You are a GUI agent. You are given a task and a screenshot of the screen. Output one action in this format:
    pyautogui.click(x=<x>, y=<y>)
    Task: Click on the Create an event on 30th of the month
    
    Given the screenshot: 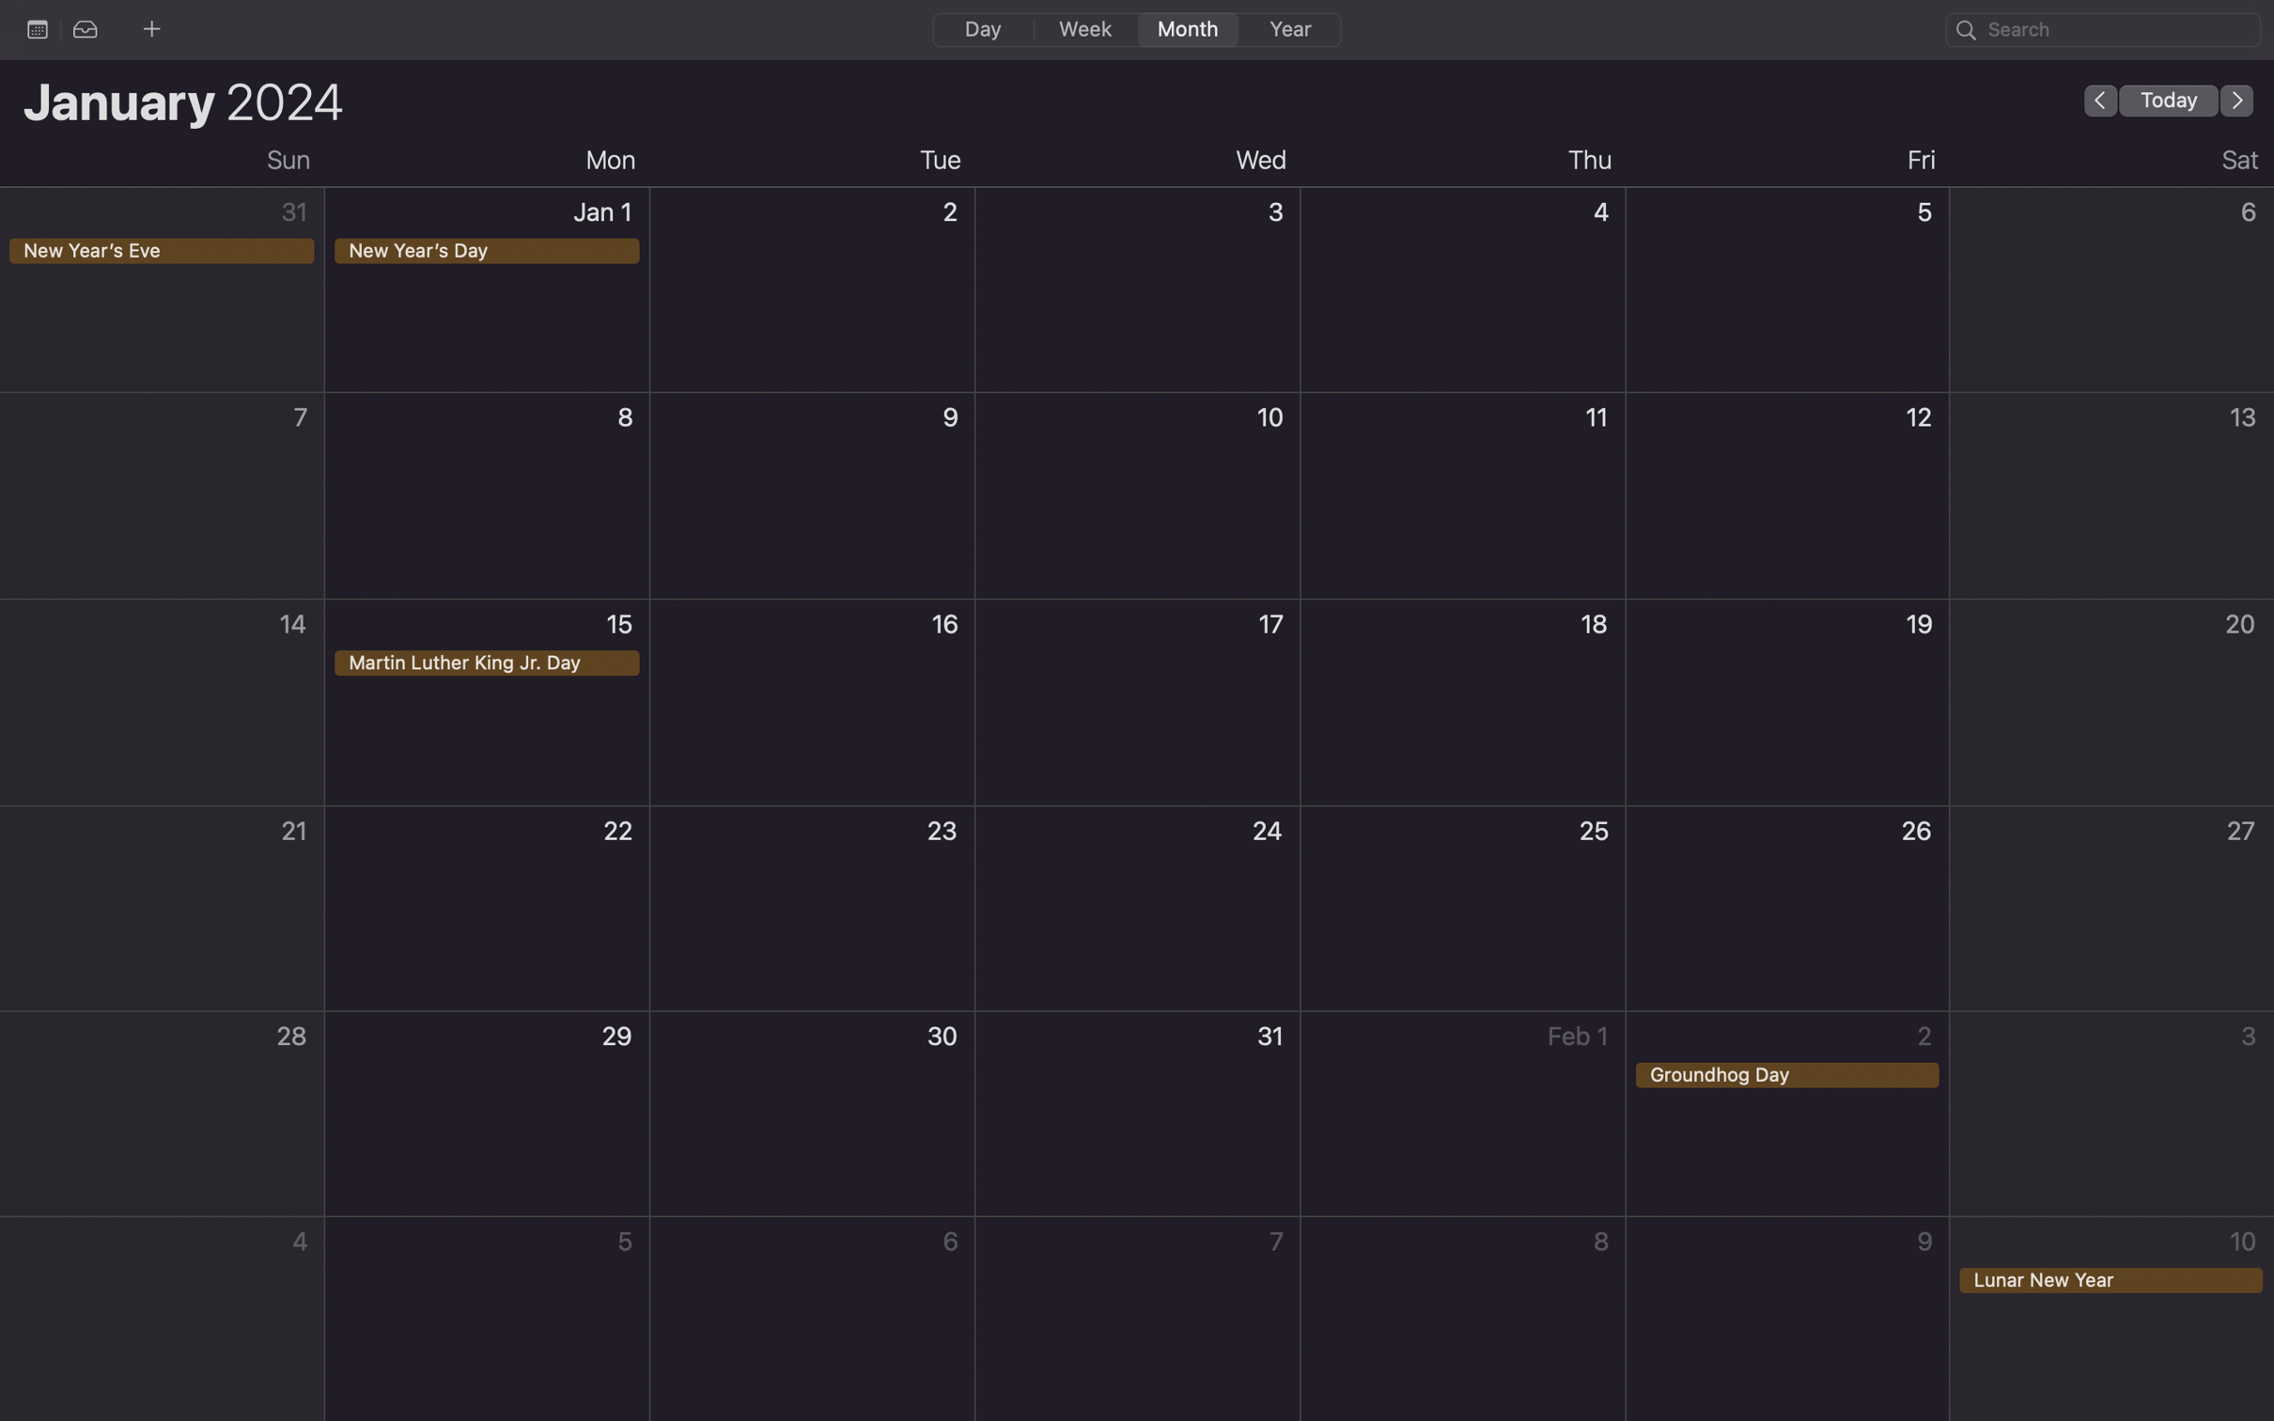 What is the action you would take?
    pyautogui.click(x=813, y=1116)
    